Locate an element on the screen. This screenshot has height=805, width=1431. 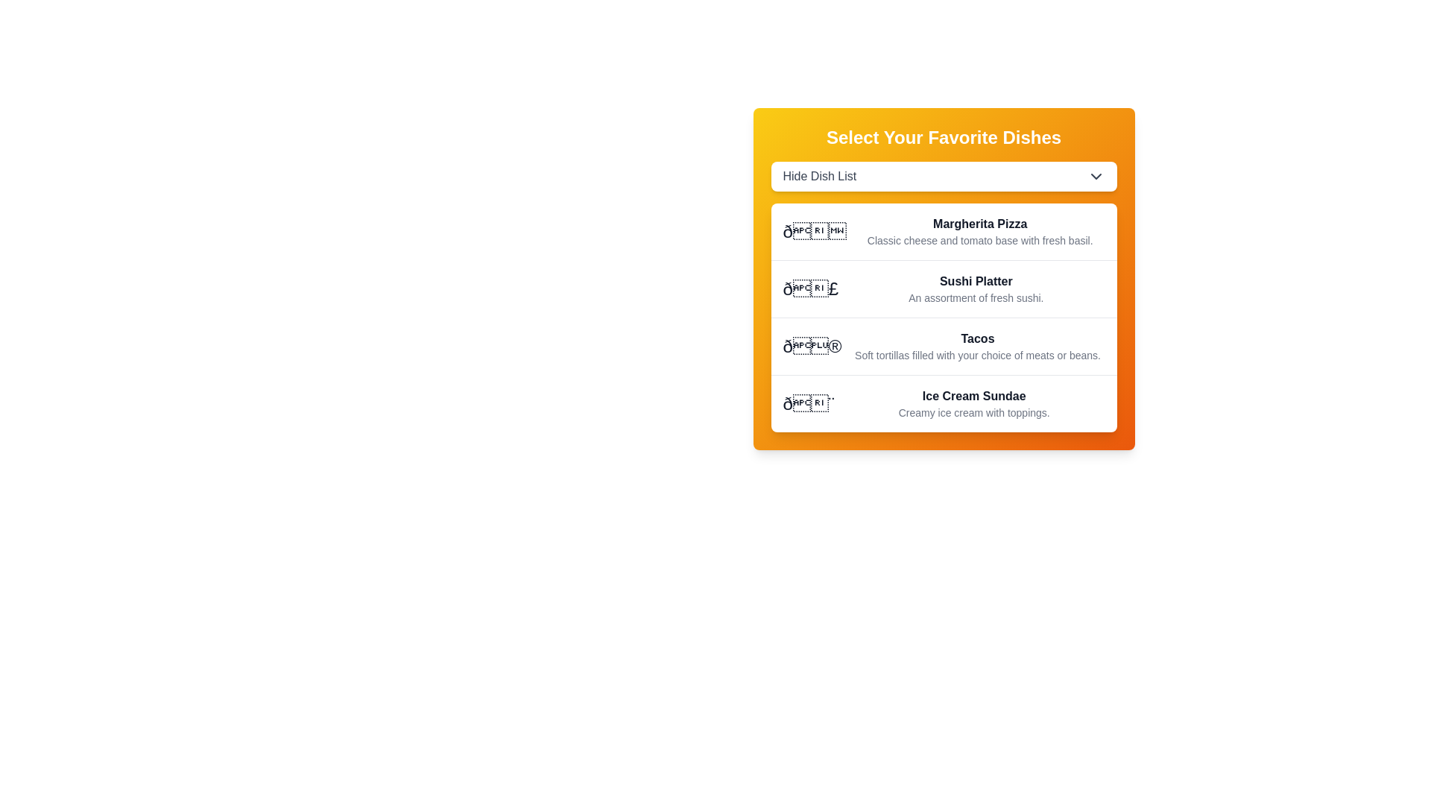
the text label that displays the name of a menu item, which is the first bolded title element located beneath 'Select Your Favorite Dishes' is located at coordinates (980, 224).